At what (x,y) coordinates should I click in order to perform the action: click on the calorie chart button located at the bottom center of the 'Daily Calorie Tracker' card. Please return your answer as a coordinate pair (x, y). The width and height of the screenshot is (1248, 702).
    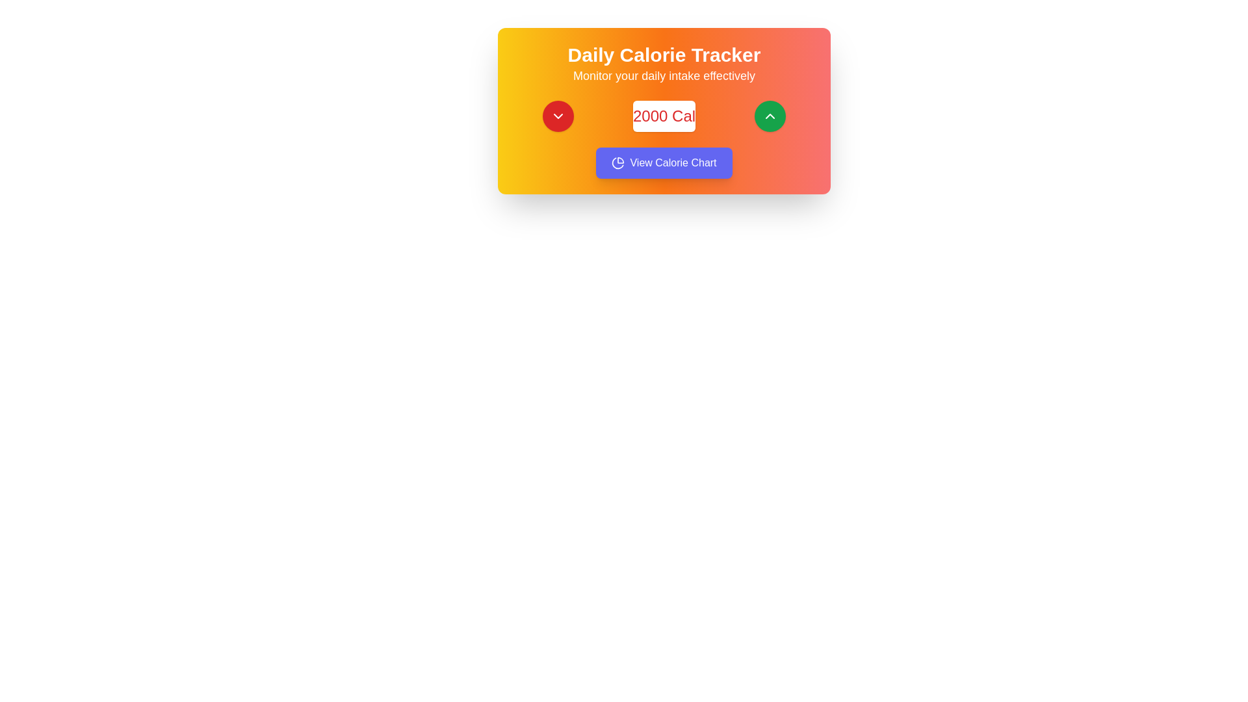
    Looking at the image, I should click on (664, 162).